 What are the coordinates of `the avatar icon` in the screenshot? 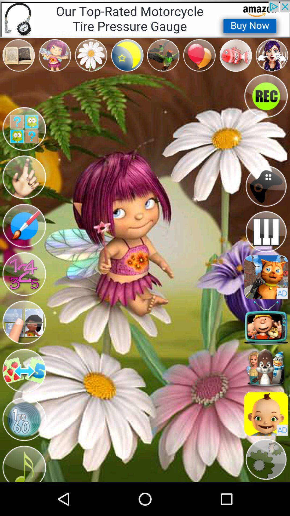 It's located at (24, 345).